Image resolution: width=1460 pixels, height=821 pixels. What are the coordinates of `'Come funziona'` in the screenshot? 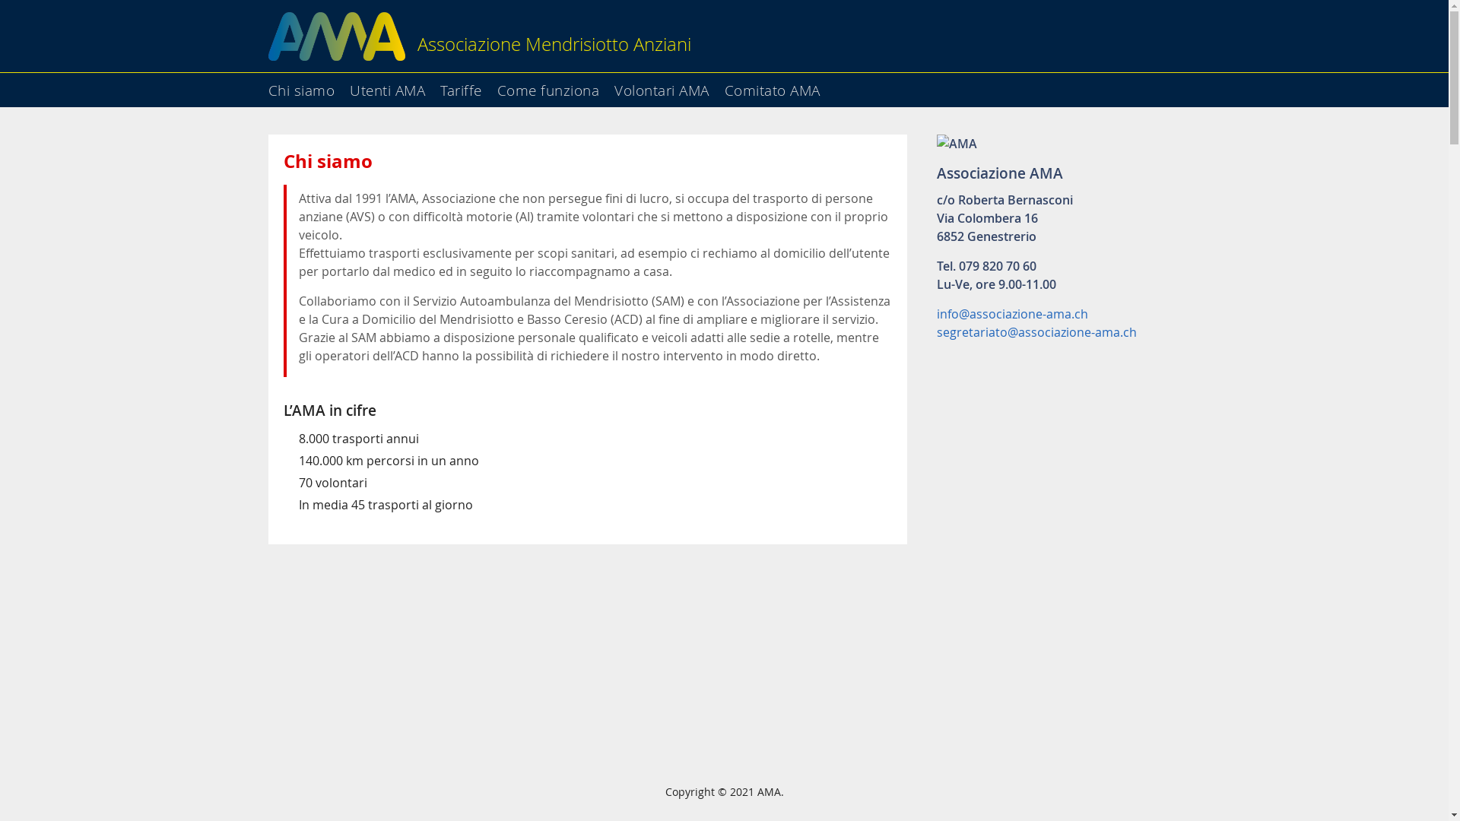 It's located at (497, 84).